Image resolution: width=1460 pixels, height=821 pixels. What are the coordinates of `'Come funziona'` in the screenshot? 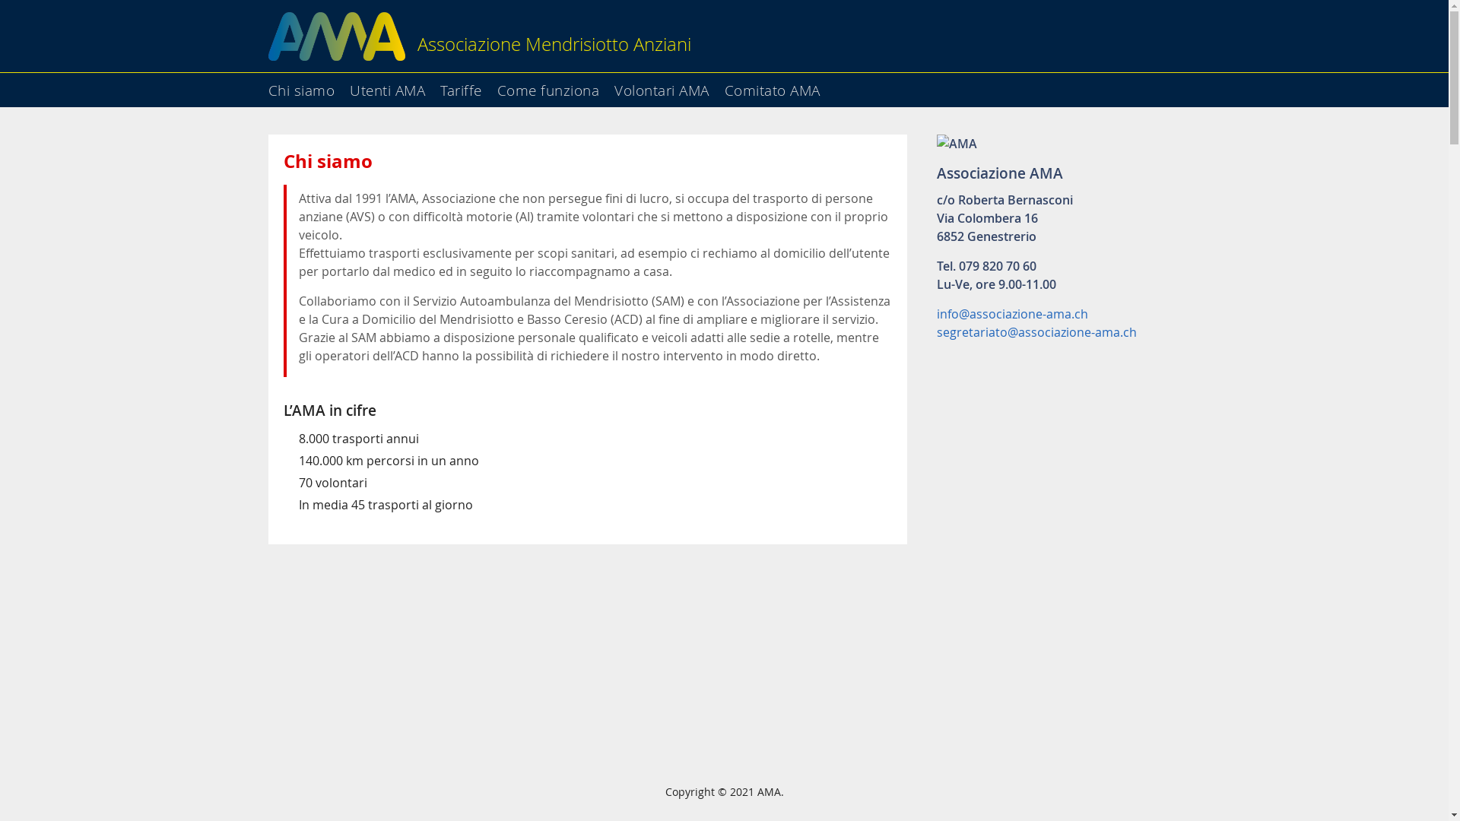 It's located at (497, 84).